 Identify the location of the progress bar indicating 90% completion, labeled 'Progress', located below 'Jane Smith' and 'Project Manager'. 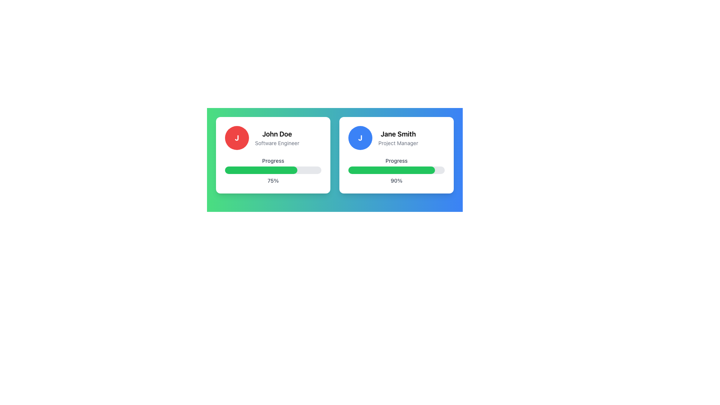
(396, 170).